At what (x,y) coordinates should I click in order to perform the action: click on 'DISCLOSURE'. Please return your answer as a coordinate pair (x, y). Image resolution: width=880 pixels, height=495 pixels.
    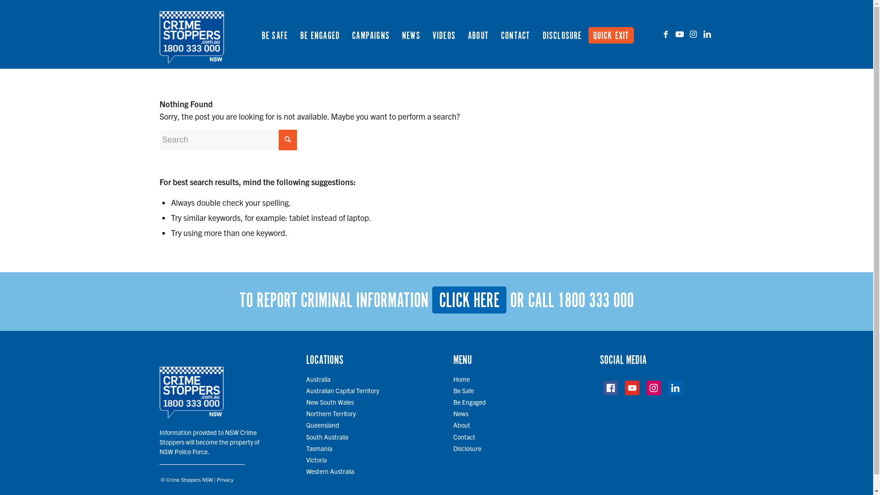
    Looking at the image, I should click on (561, 33).